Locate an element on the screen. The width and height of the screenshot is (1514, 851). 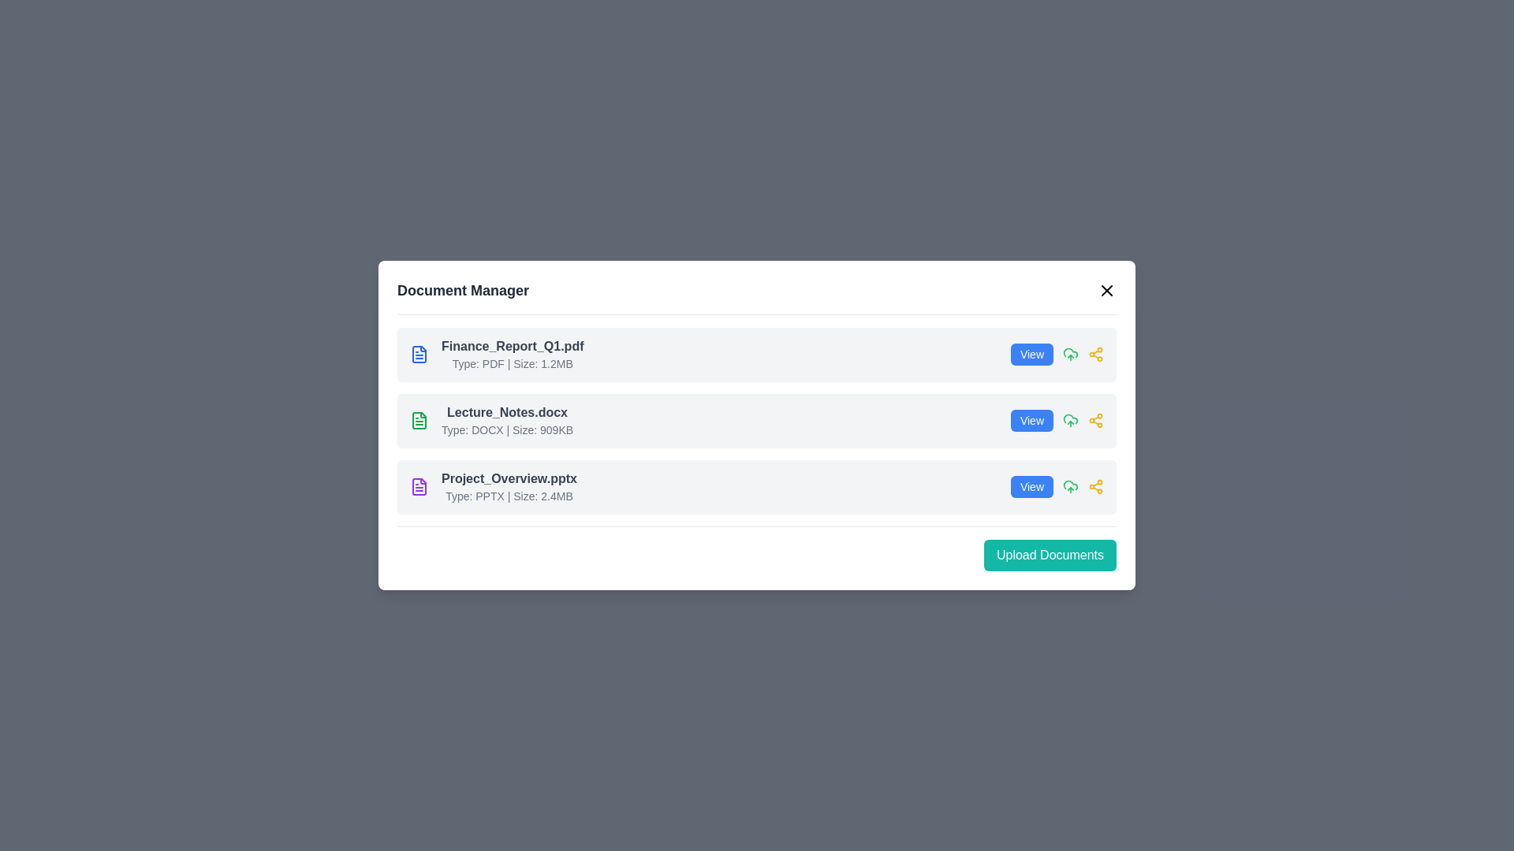
the upload icon located to the right of the list item, between the blue 'View' button and the yellow sharing icon is located at coordinates (1071, 355).